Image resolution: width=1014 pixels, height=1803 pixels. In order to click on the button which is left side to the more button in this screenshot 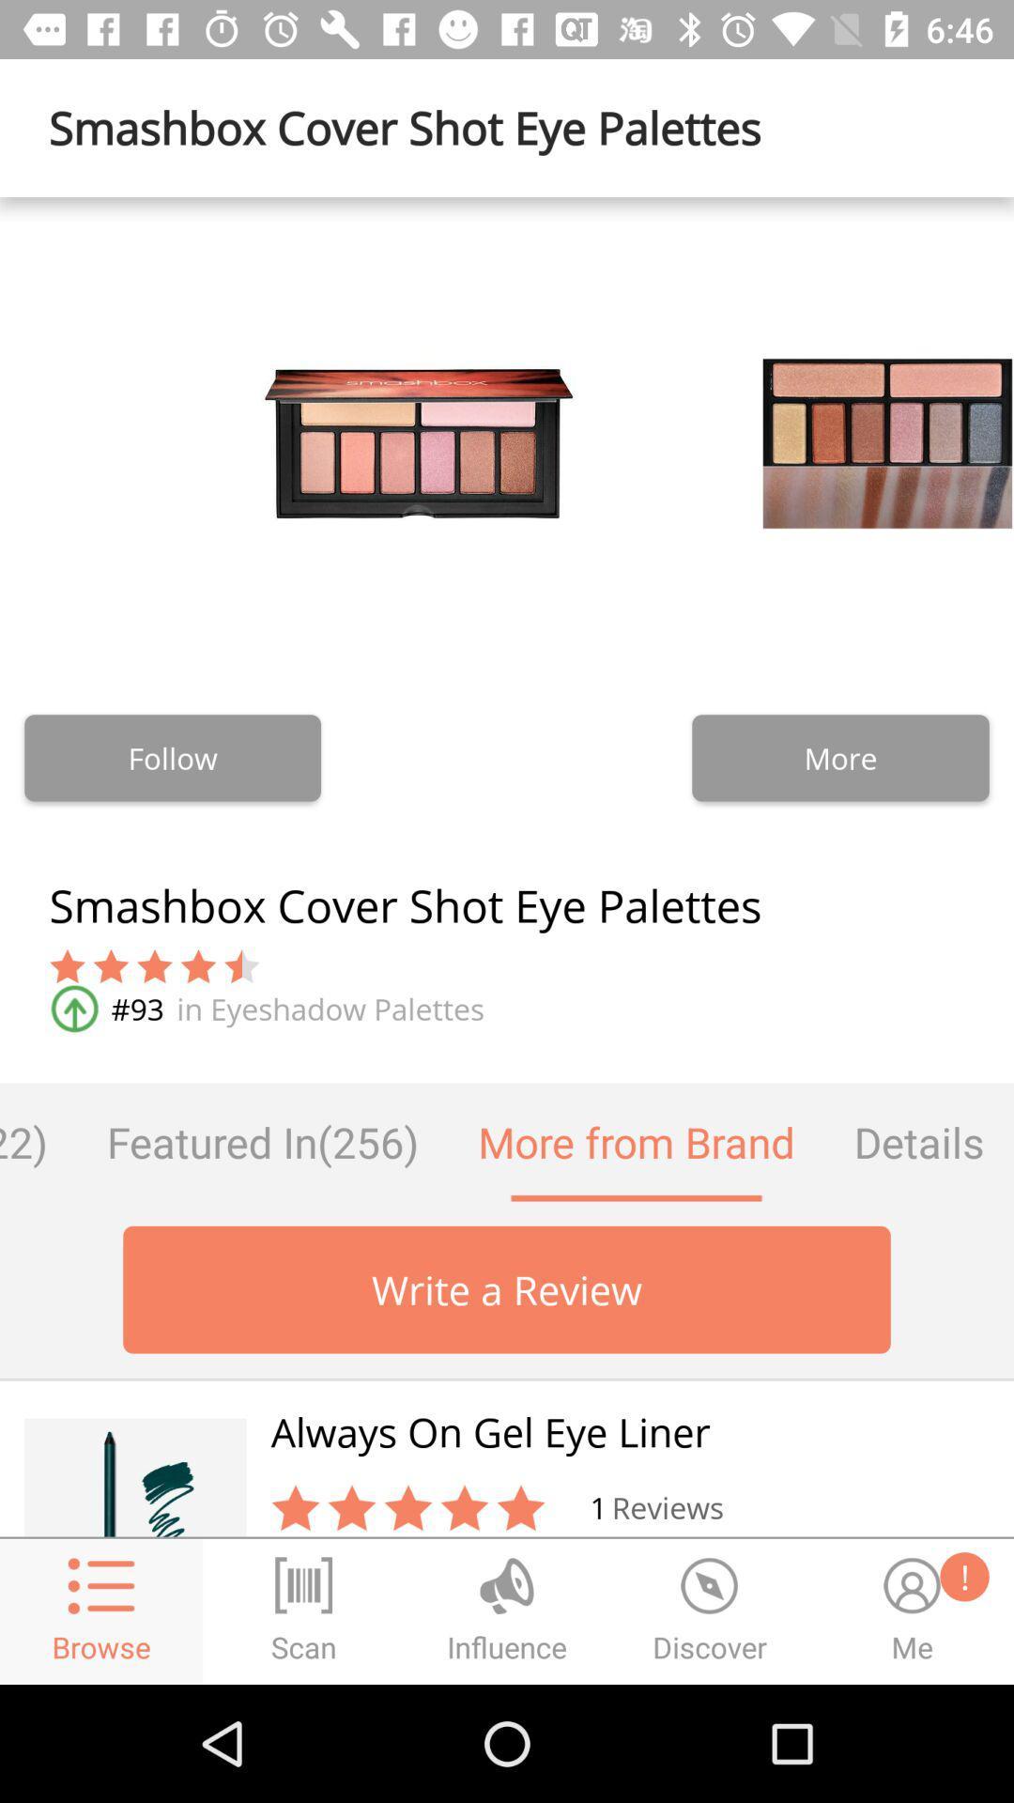, I will do `click(173, 758)`.